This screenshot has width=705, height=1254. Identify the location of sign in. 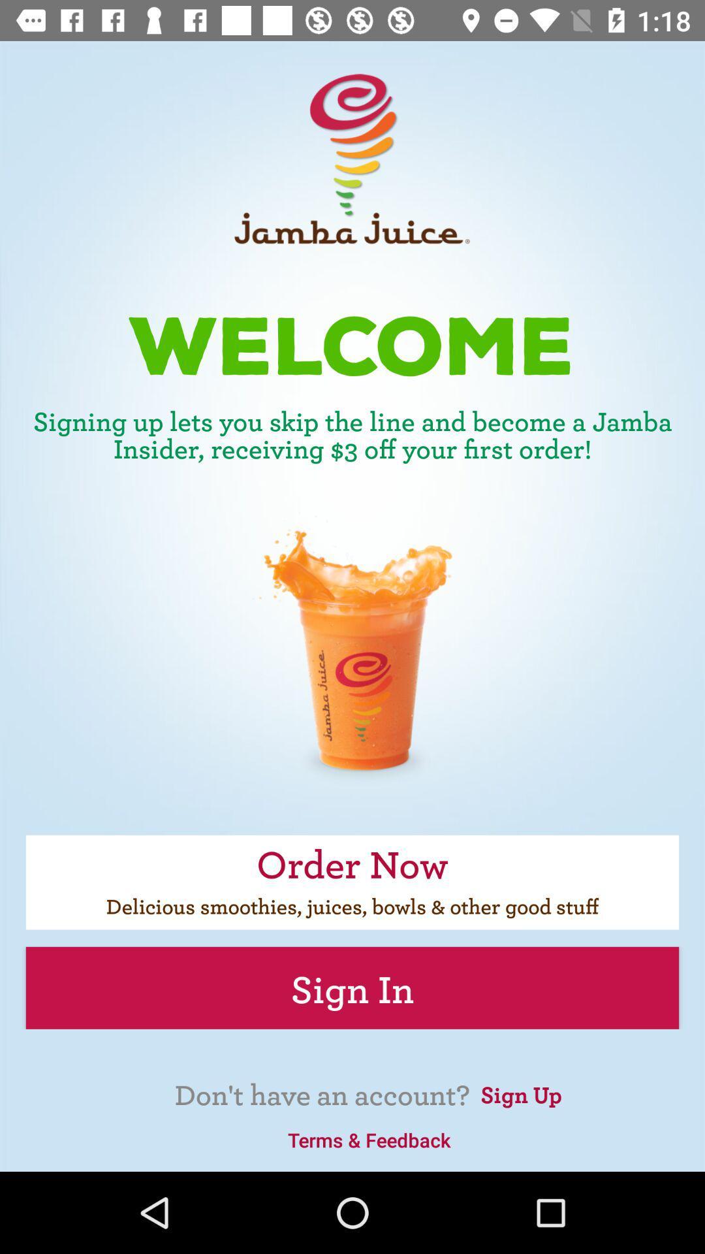
(352, 988).